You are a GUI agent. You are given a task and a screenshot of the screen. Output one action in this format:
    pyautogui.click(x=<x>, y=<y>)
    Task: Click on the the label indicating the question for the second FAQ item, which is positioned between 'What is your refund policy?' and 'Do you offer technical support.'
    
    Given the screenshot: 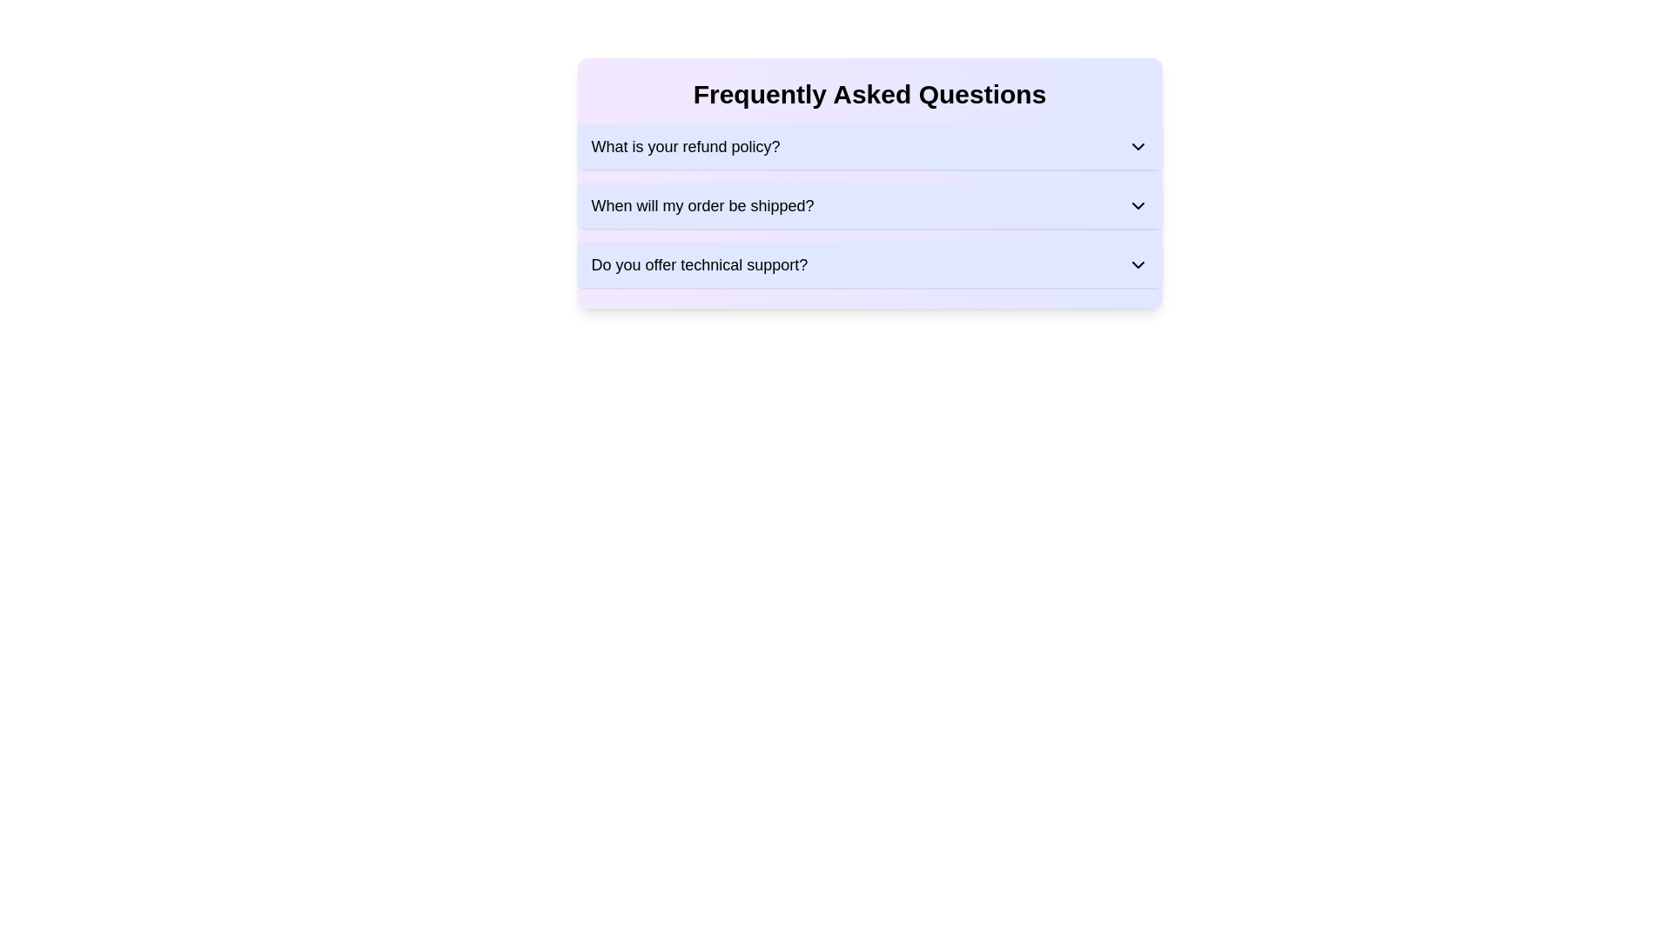 What is the action you would take?
    pyautogui.click(x=702, y=204)
    